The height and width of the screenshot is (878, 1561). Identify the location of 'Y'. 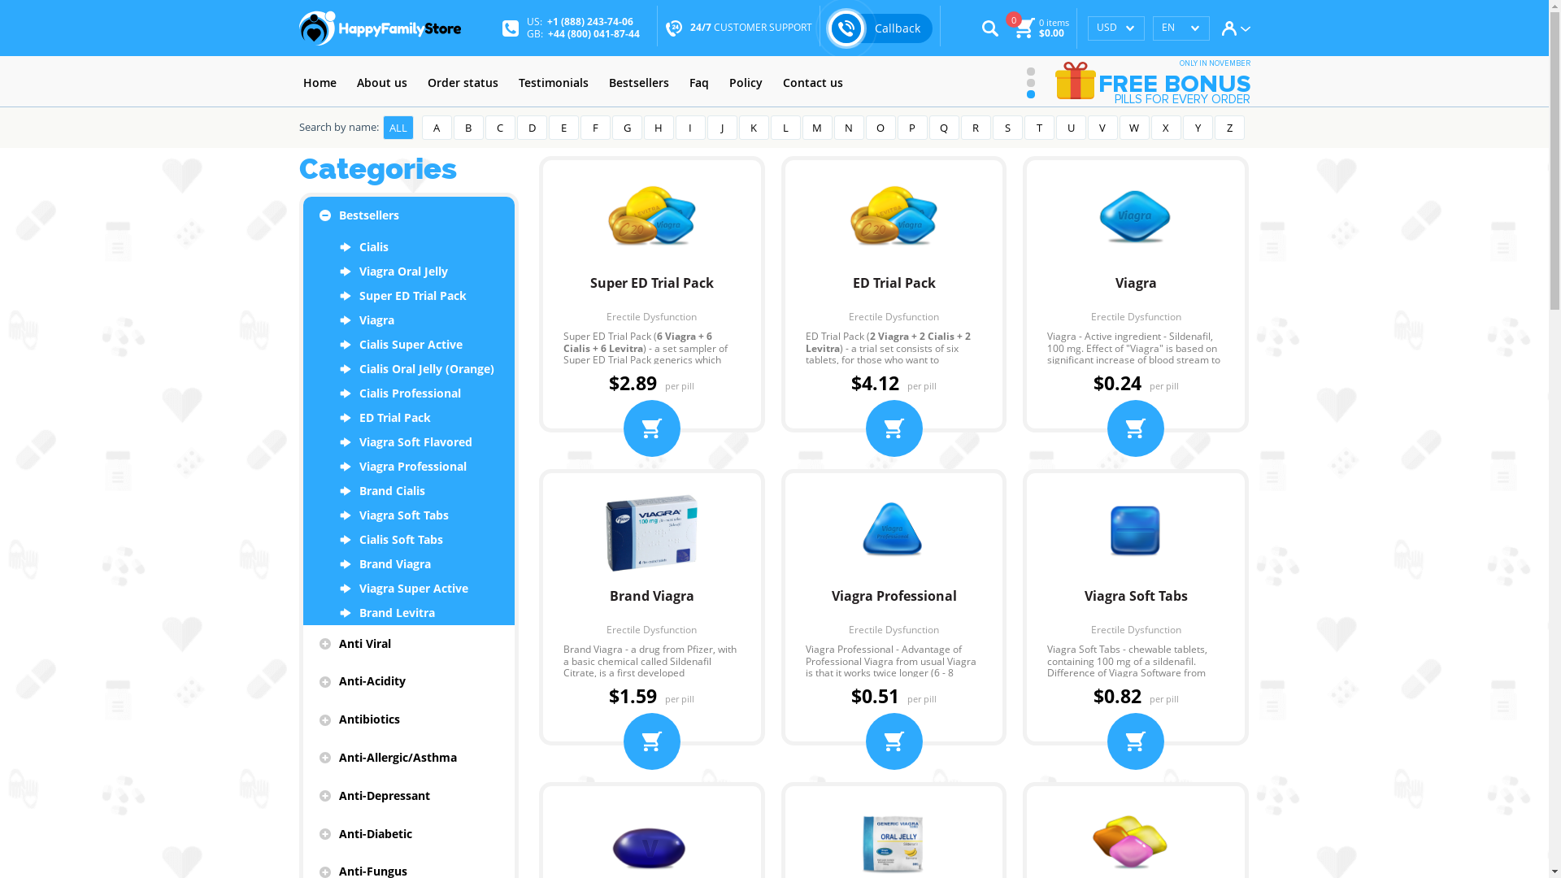
(1197, 127).